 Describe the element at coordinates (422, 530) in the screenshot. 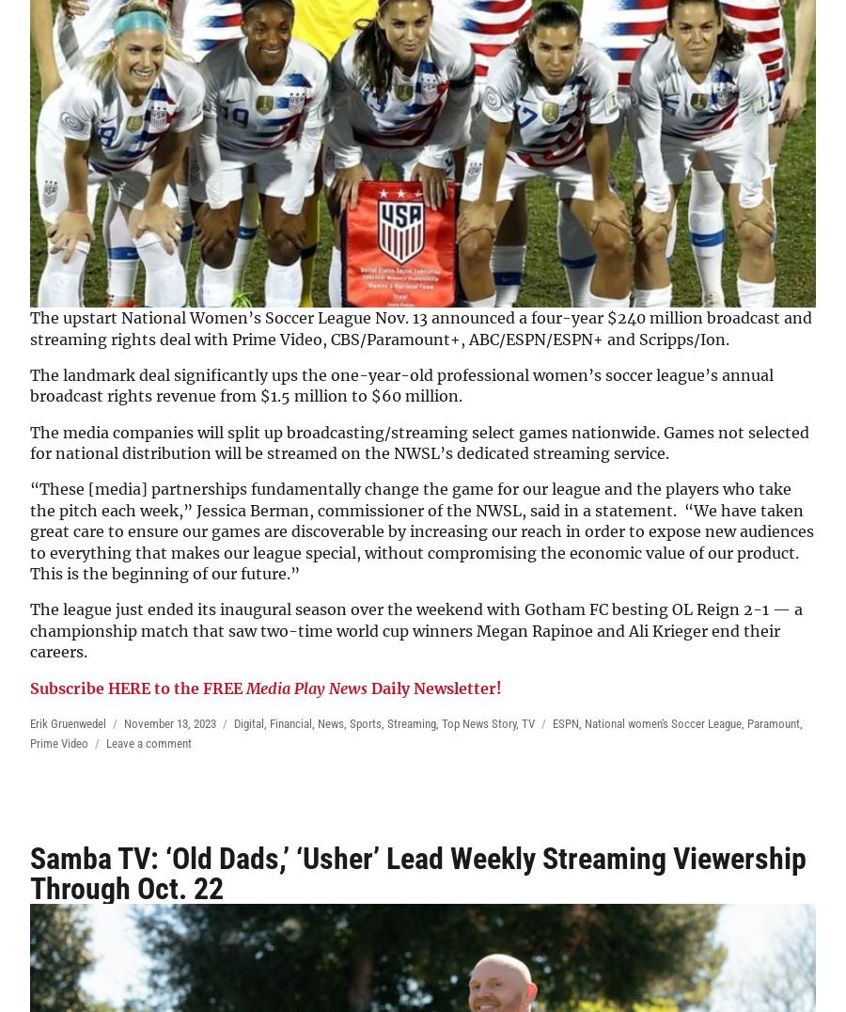

I see `'“These [media] partnerships fundamentally change the game for our league and the players who take the pitch each week,” Jessica Berman, commissioner of the NWSL, said in a statement.  “We have taken great care to ensure our games are discoverable by increasing our reach in order to expose new audiences to everything that makes our league special, without compromising the economic value of our product. This is the beginning of our future.”'` at that location.